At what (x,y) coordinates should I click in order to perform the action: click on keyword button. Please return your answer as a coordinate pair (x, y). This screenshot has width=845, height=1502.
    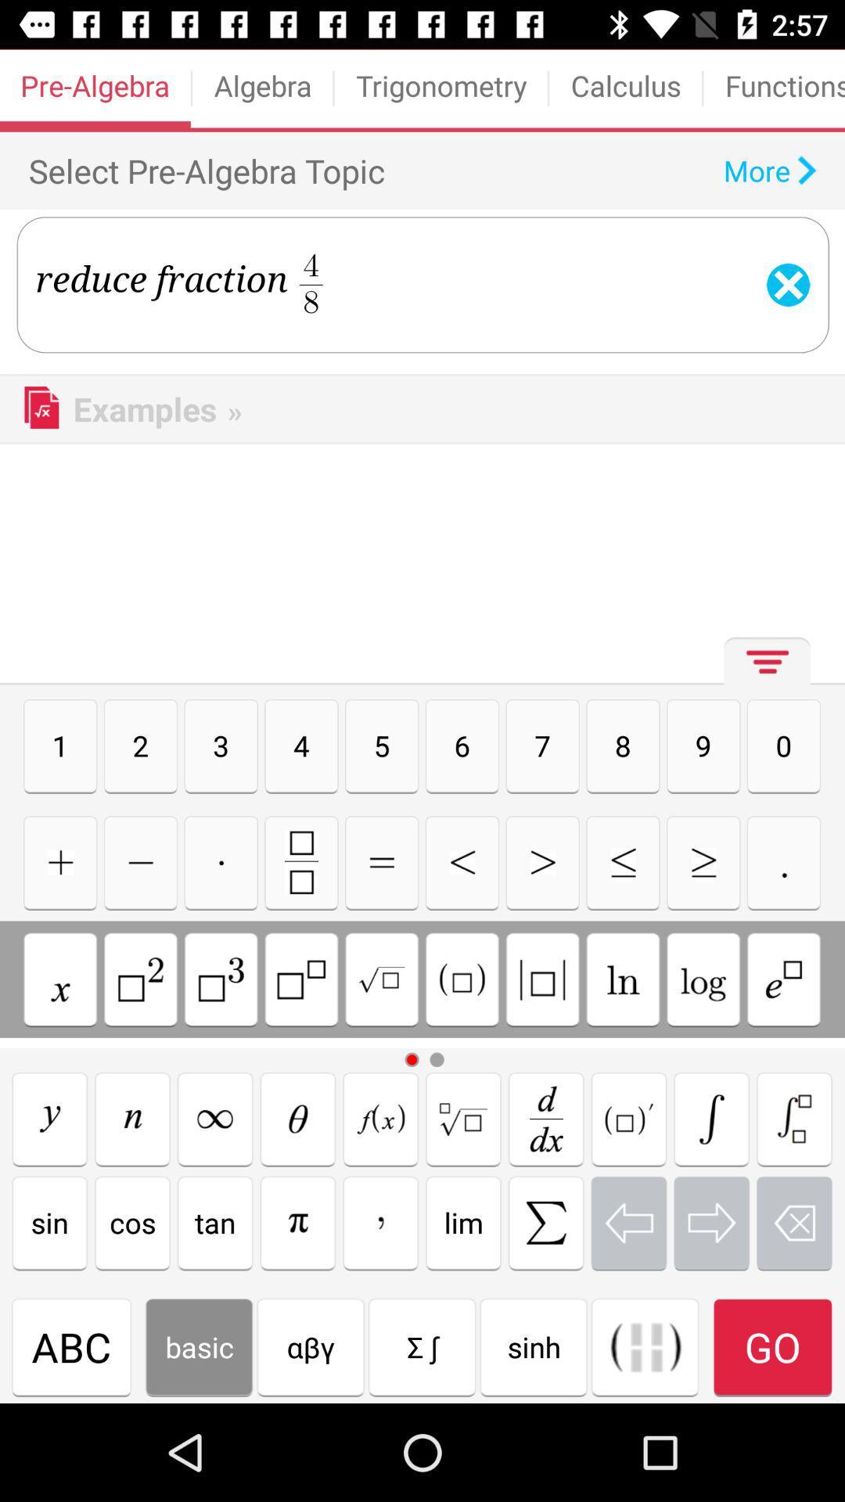
    Looking at the image, I should click on (545, 1222).